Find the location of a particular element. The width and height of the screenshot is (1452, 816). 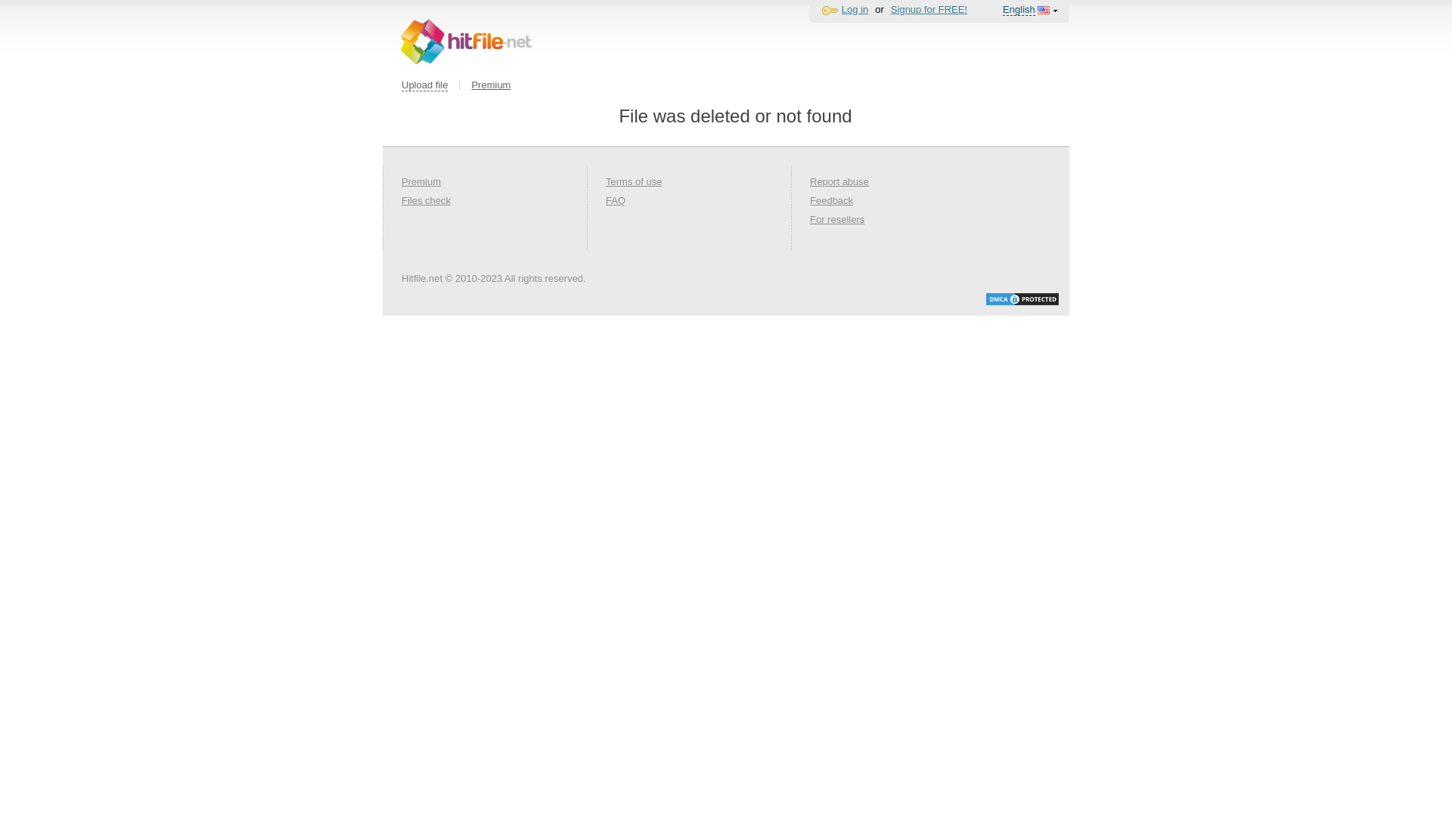

'Premium' is located at coordinates (490, 85).